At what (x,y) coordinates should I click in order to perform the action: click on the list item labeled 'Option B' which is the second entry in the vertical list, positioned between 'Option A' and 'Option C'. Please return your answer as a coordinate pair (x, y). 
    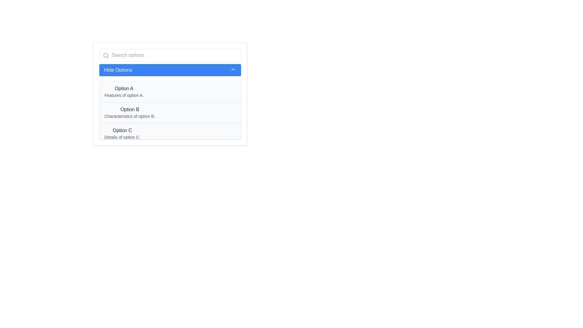
    Looking at the image, I should click on (170, 103).